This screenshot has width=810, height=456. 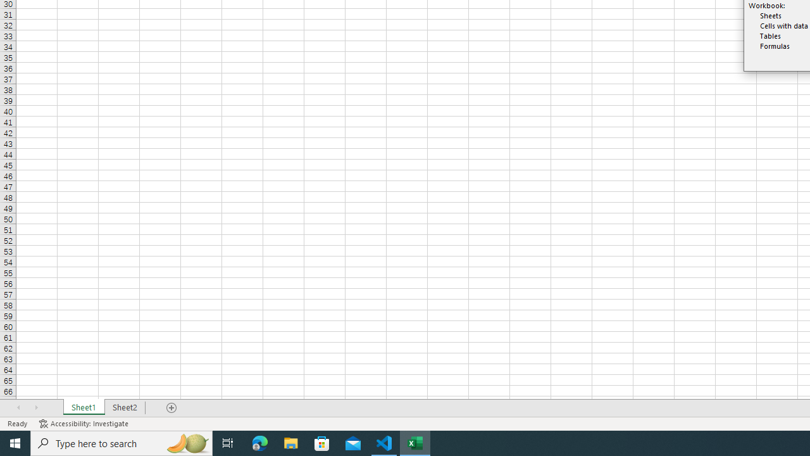 I want to click on 'Sheet2', so click(x=125, y=408).